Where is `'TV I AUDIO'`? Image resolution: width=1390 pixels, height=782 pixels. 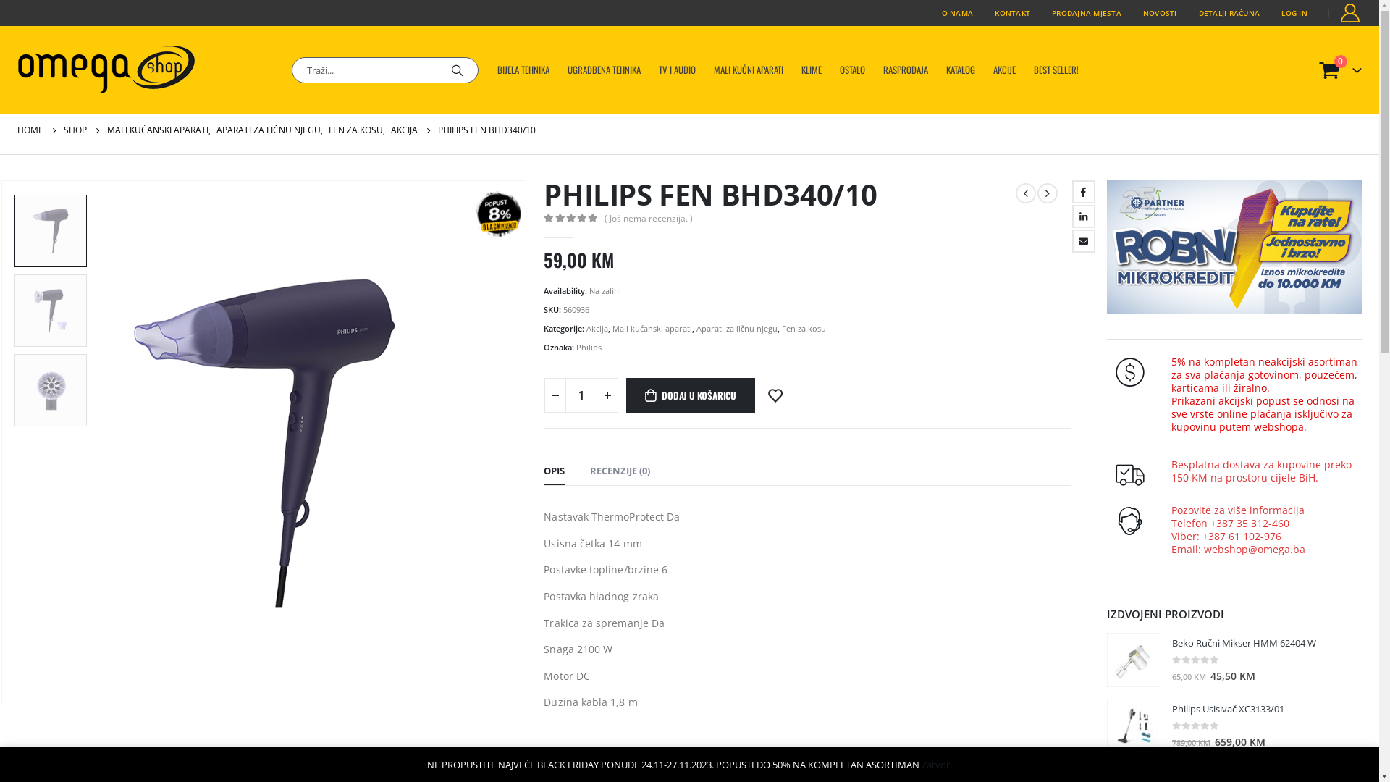
'TV I AUDIO' is located at coordinates (676, 70).